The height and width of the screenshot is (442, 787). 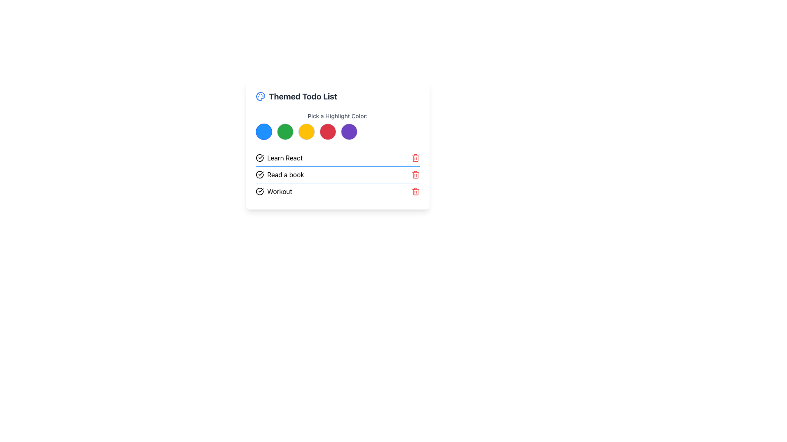 What do you see at coordinates (259, 174) in the screenshot?
I see `the second circular blue check icon located to the left of the text 'Read a book' in the task list` at bounding box center [259, 174].